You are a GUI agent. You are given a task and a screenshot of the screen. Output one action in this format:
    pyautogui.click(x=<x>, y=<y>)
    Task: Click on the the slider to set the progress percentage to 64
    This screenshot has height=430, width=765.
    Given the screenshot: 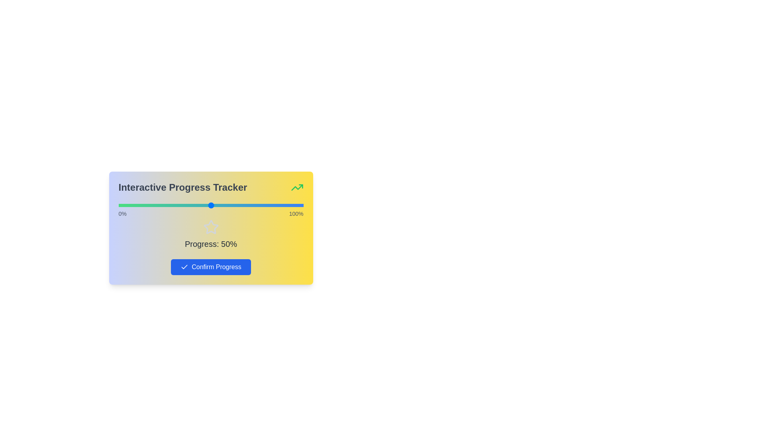 What is the action you would take?
    pyautogui.click(x=236, y=205)
    